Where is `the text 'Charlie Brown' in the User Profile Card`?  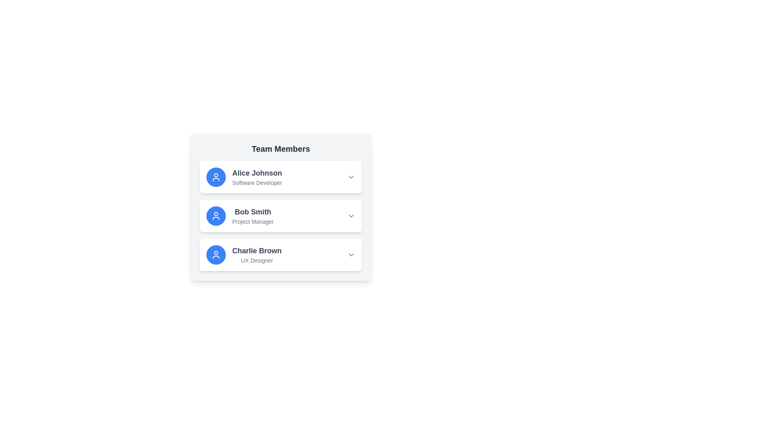
the text 'Charlie Brown' in the User Profile Card is located at coordinates (244, 254).